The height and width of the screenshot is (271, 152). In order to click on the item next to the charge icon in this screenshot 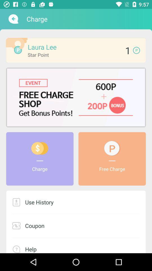, I will do `click(13, 19)`.